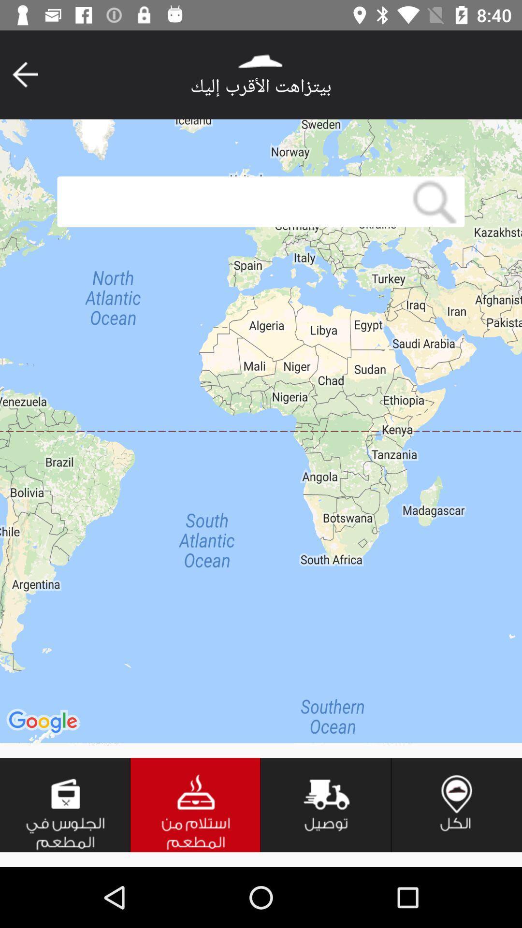 The height and width of the screenshot is (928, 522). Describe the element at coordinates (261, 431) in the screenshot. I see `item at the center` at that location.